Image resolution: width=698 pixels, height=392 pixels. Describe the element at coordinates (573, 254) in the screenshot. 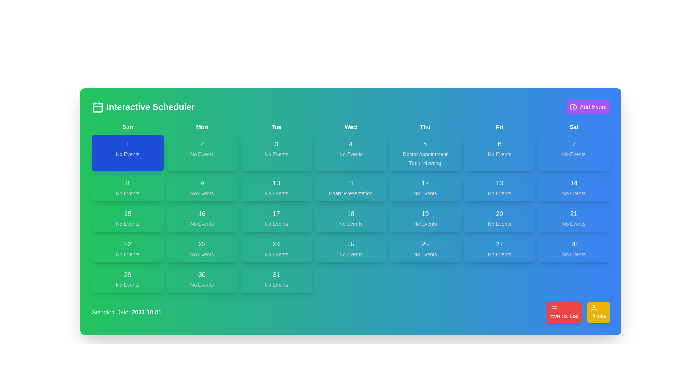

I see `the informational text label indicating no scheduled events for the date '28' in the calendar under the 'Saturday' column` at that location.